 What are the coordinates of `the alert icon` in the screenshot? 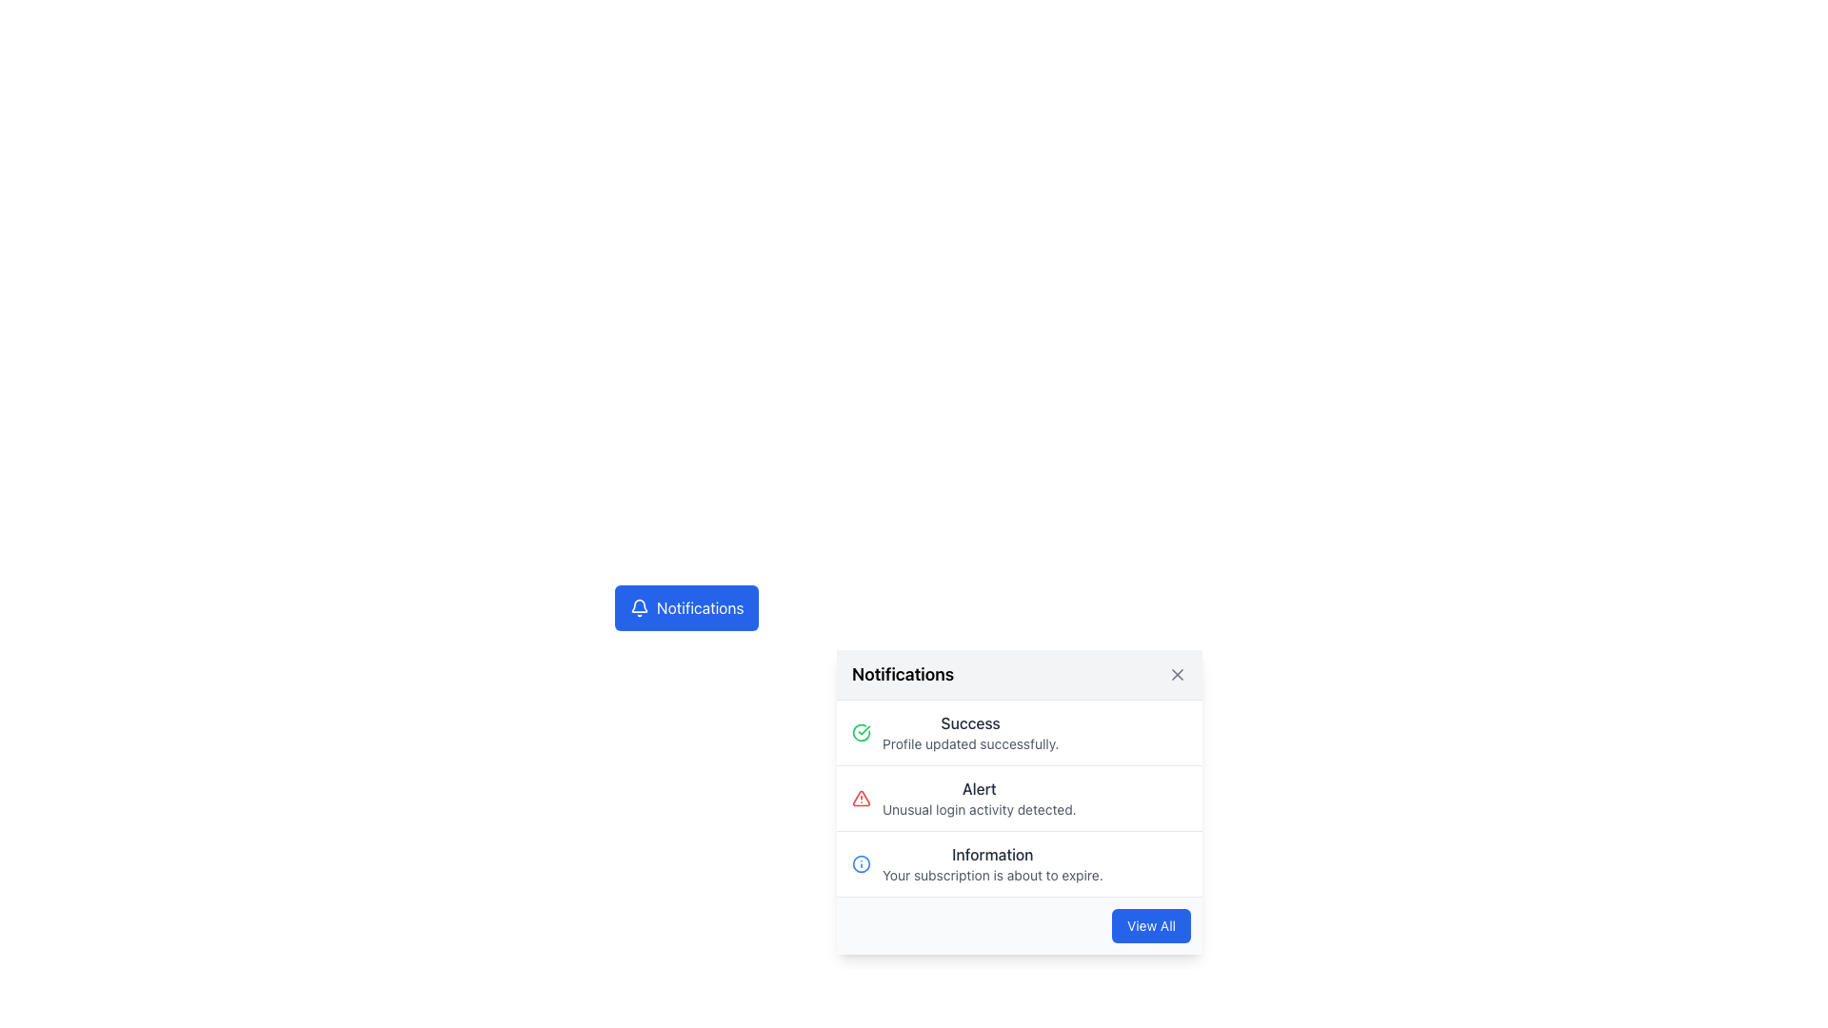 It's located at (860, 798).